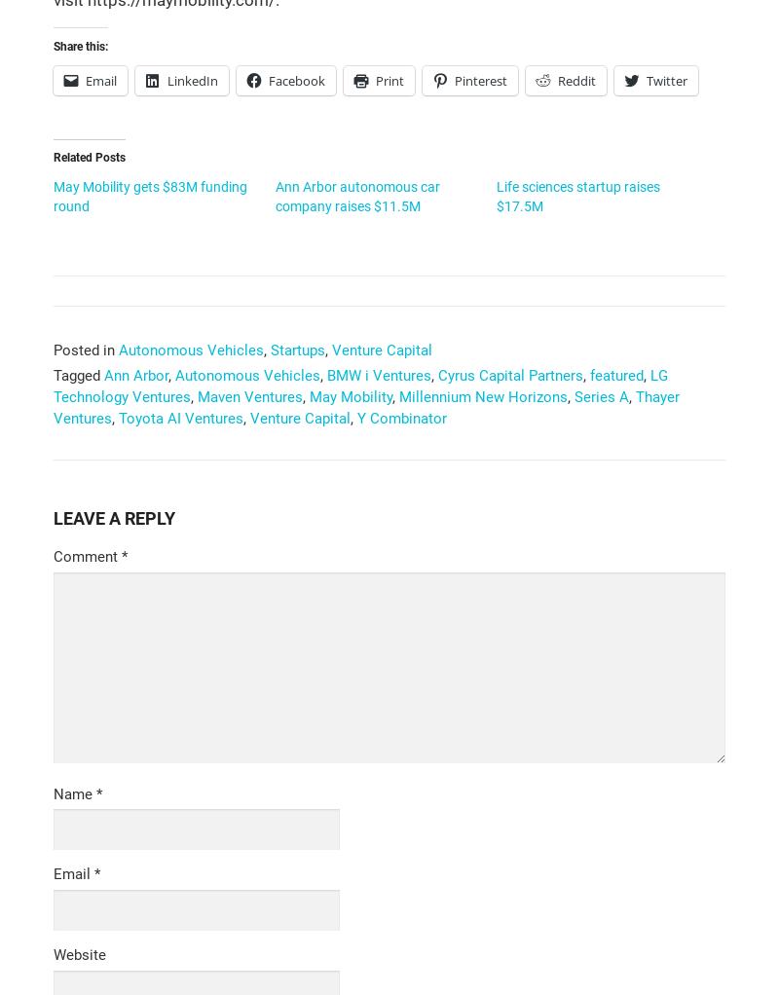 The width and height of the screenshot is (779, 995). Describe the element at coordinates (309, 396) in the screenshot. I see `'May Mobility'` at that location.